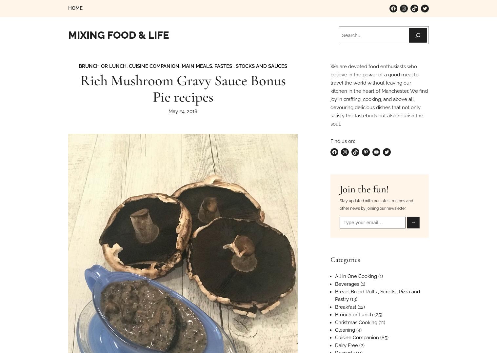 This screenshot has width=497, height=353. I want to click on 'MIXING FOOD & LIFE', so click(119, 35).